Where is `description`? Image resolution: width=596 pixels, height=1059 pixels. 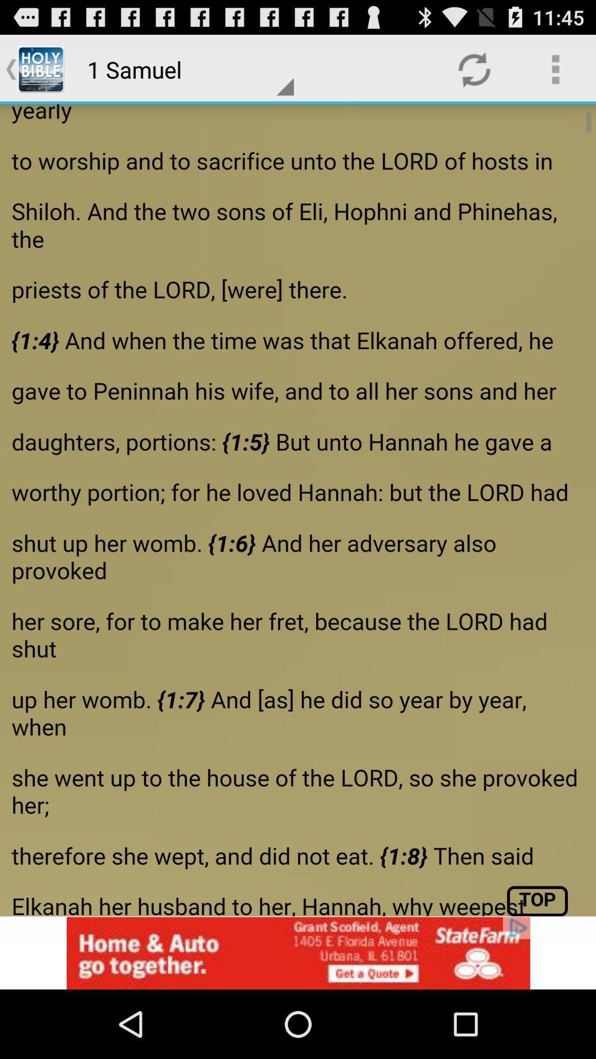 description is located at coordinates (298, 510).